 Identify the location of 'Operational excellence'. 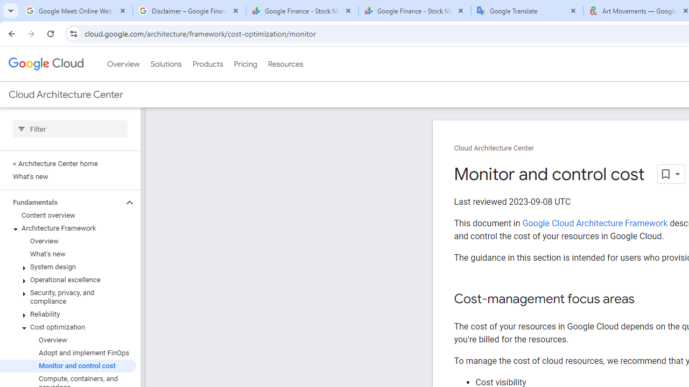
(67, 279).